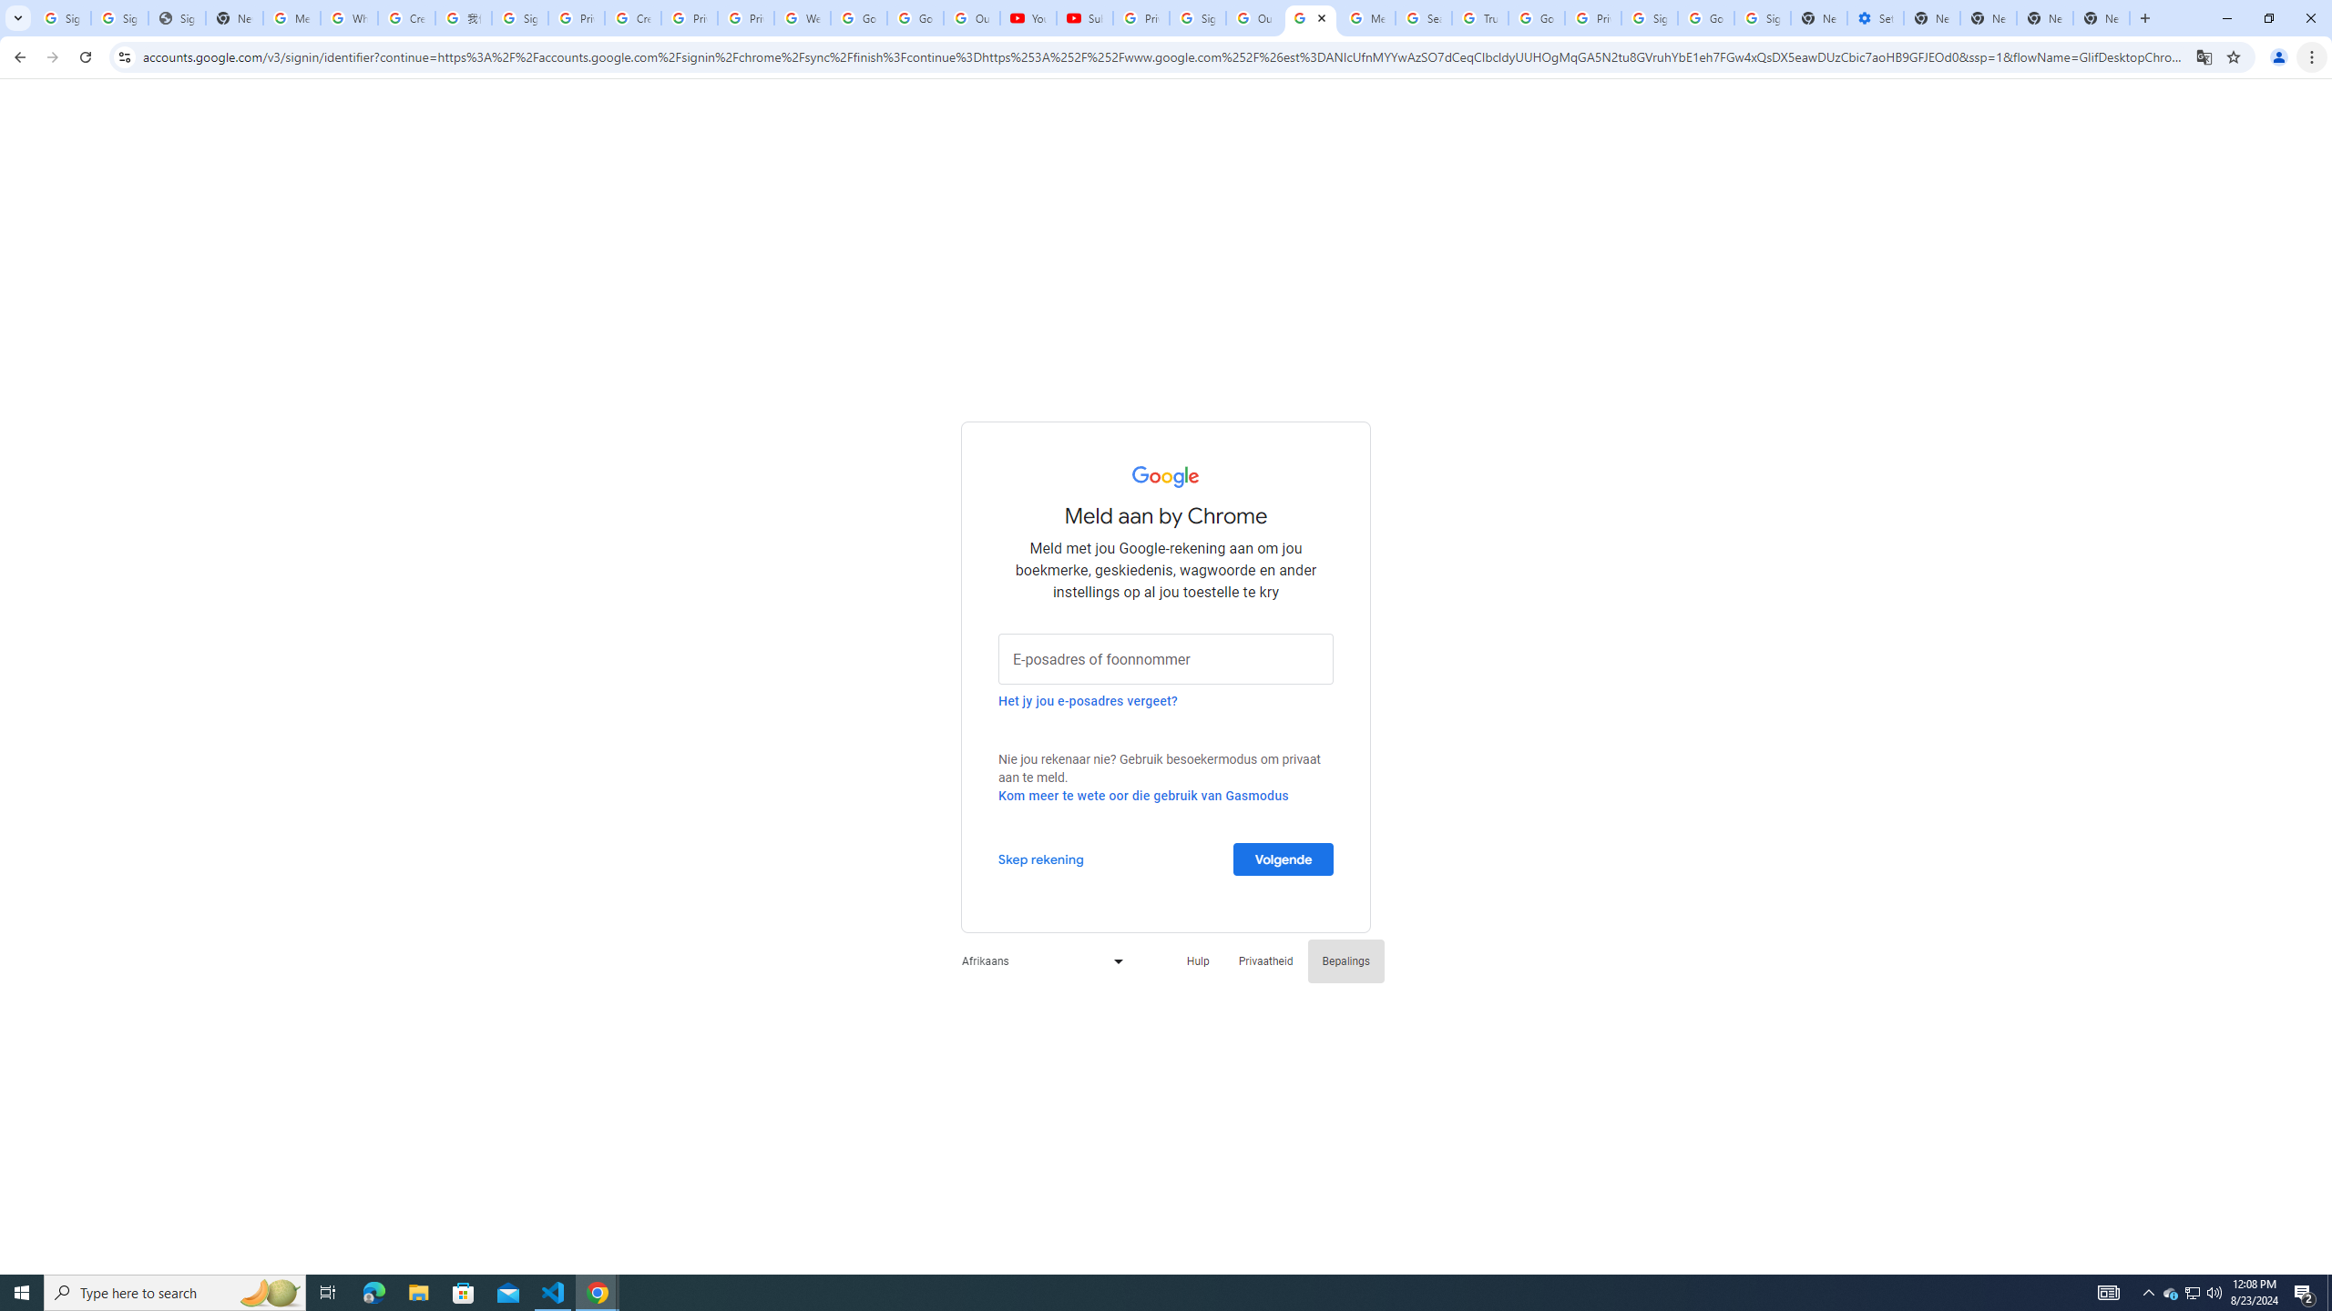  What do you see at coordinates (802, 17) in the screenshot?
I see `'Welcome to My Activity'` at bounding box center [802, 17].